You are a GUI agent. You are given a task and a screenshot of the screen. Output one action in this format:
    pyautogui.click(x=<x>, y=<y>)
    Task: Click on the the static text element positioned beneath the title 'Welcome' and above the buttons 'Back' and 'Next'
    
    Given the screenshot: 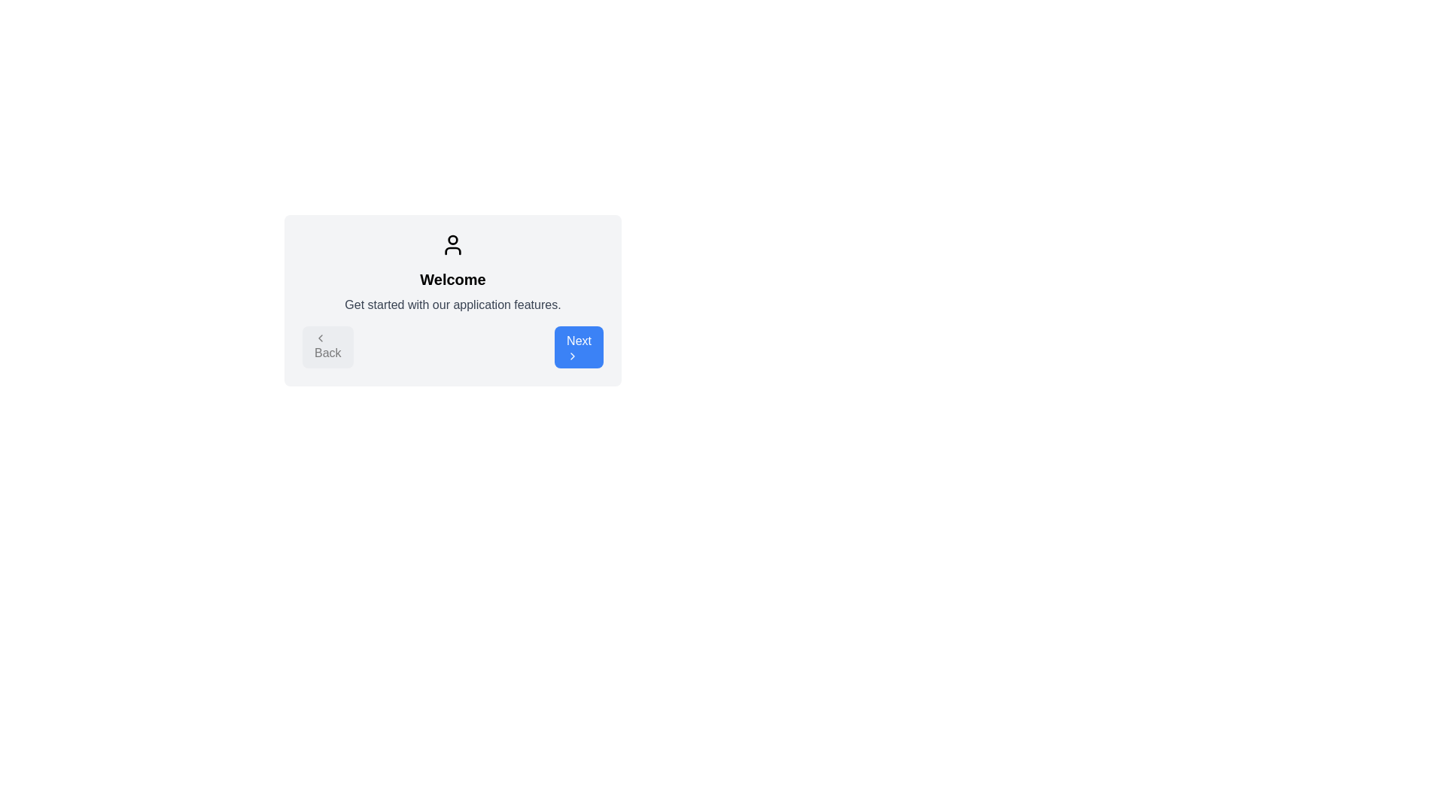 What is the action you would take?
    pyautogui.click(x=452, y=304)
    